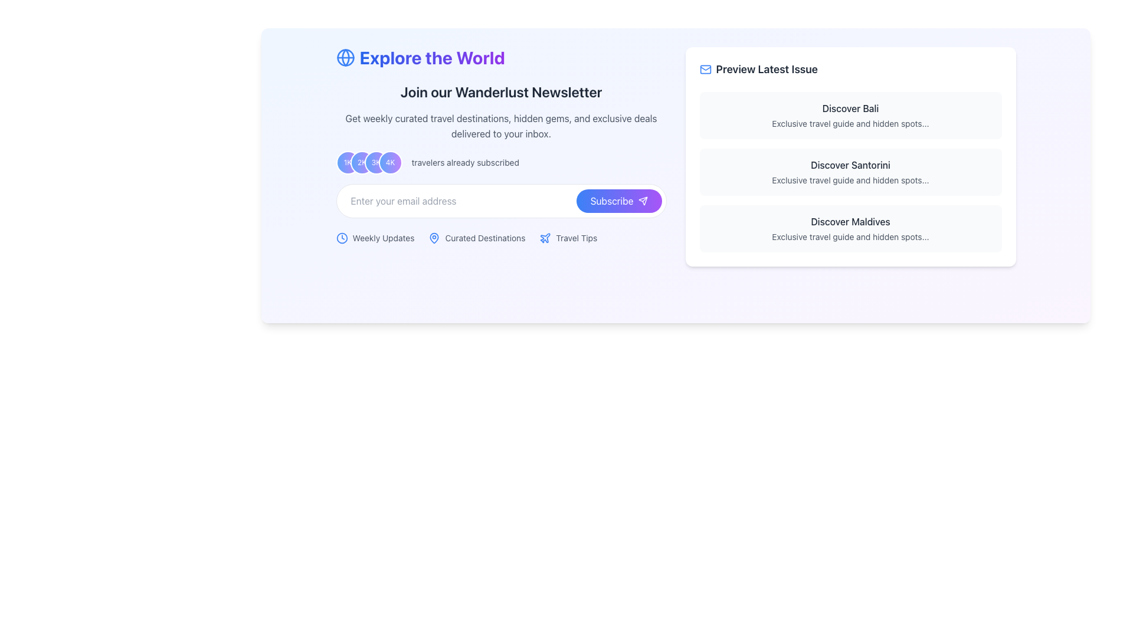 Image resolution: width=1133 pixels, height=637 pixels. Describe the element at coordinates (361, 163) in the screenshot. I see `visually on the second circular badge in the horizontal group of four, located between the '1K' and '3K' badges, to gather information` at that location.